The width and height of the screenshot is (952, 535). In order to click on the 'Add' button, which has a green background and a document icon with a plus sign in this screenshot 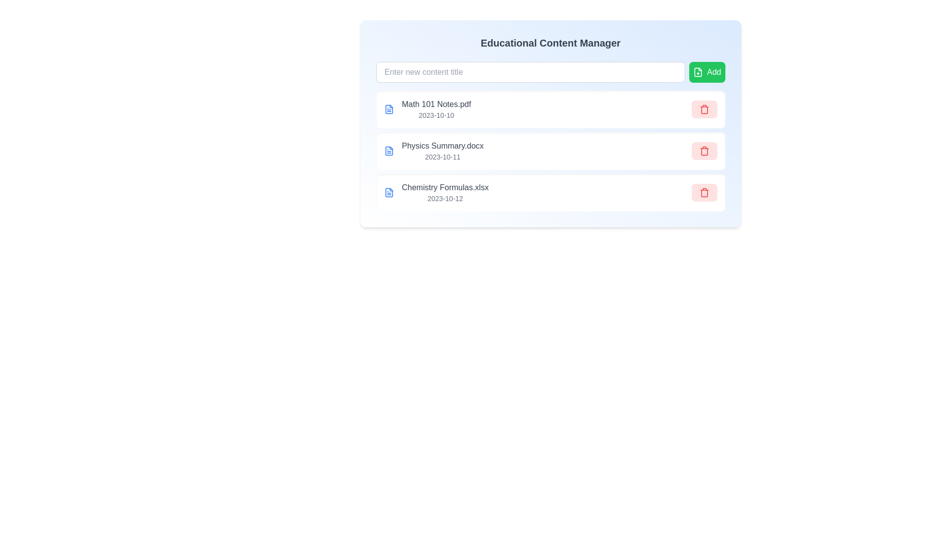, I will do `click(707, 72)`.